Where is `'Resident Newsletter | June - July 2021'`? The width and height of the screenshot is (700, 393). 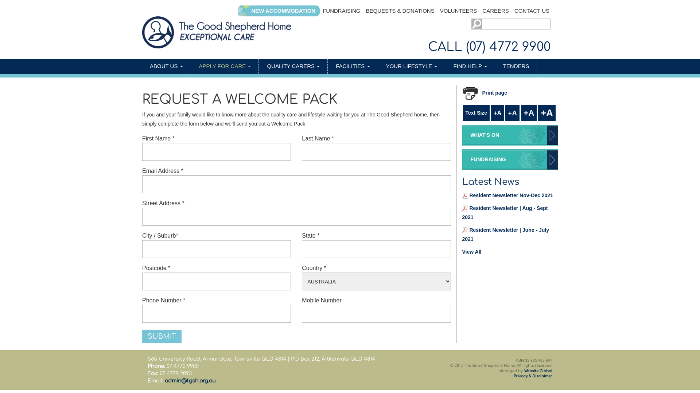 'Resident Newsletter | June - July 2021' is located at coordinates (505, 234).